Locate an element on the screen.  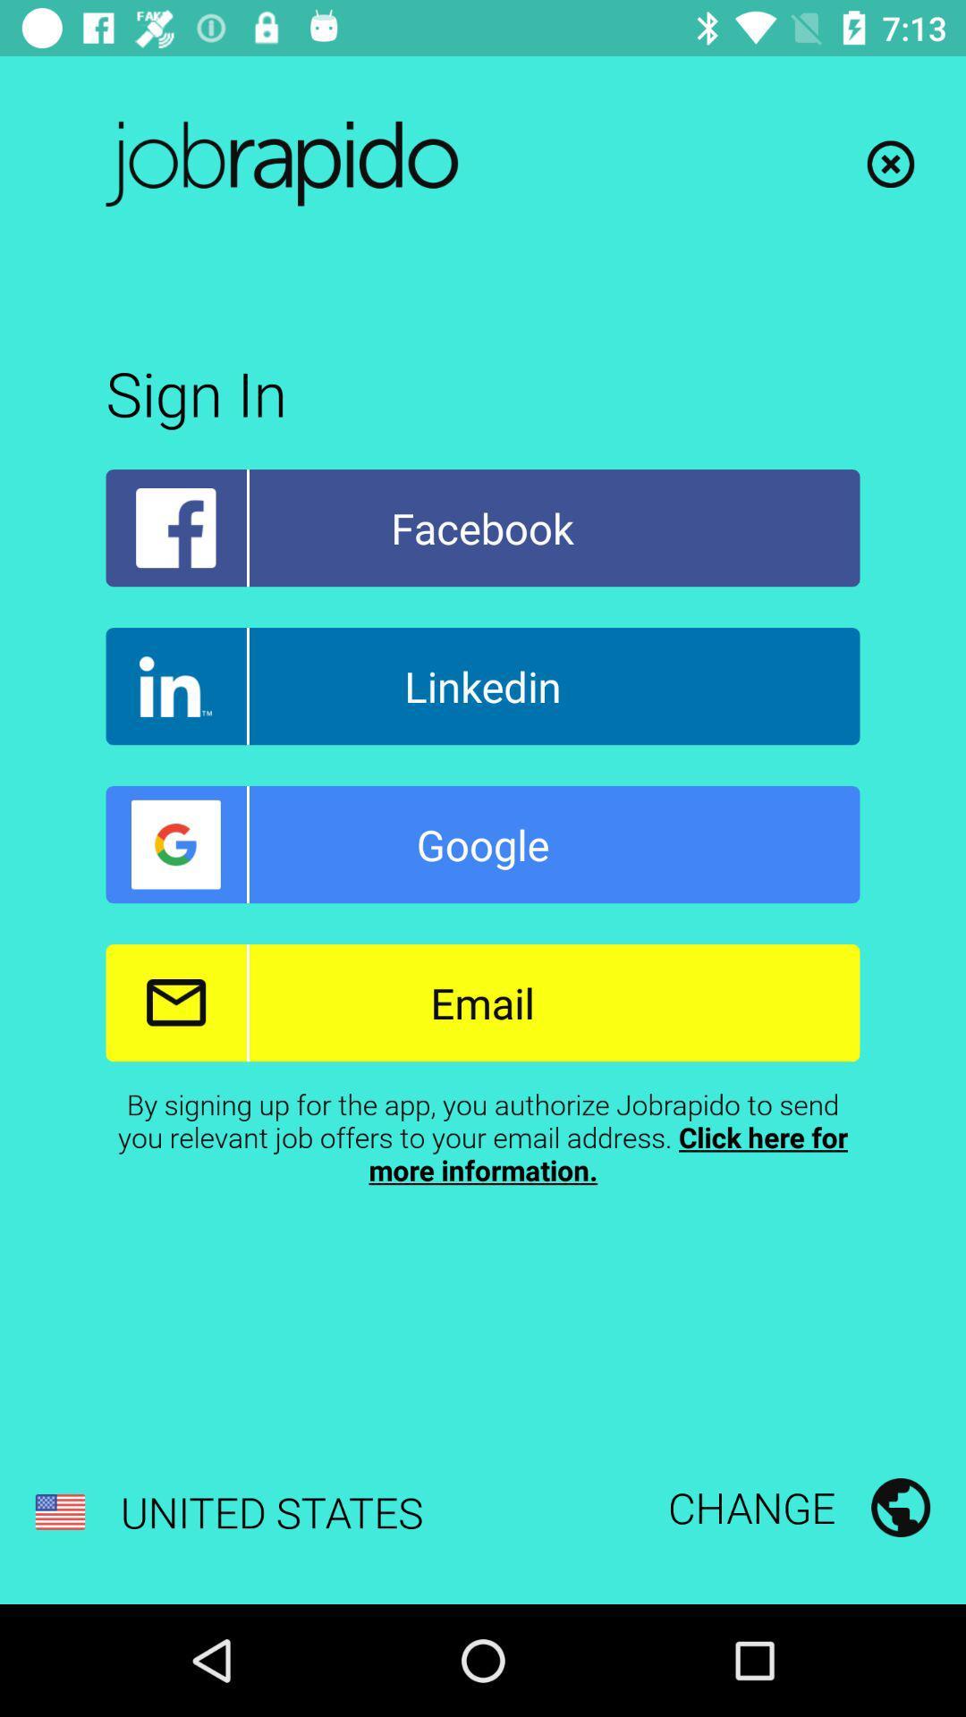
the item above the change icon is located at coordinates (483, 1136).